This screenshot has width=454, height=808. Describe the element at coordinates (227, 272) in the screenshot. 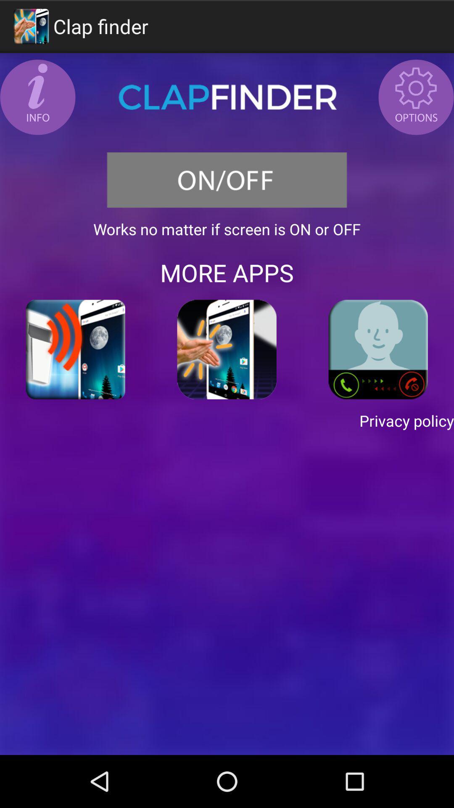

I see `the more apps app` at that location.